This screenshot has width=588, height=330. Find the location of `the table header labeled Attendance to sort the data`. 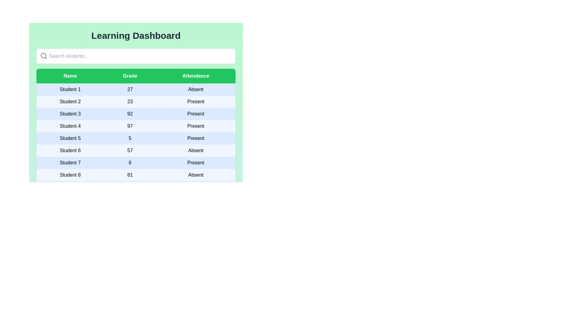

the table header labeled Attendance to sort the data is located at coordinates (195, 76).